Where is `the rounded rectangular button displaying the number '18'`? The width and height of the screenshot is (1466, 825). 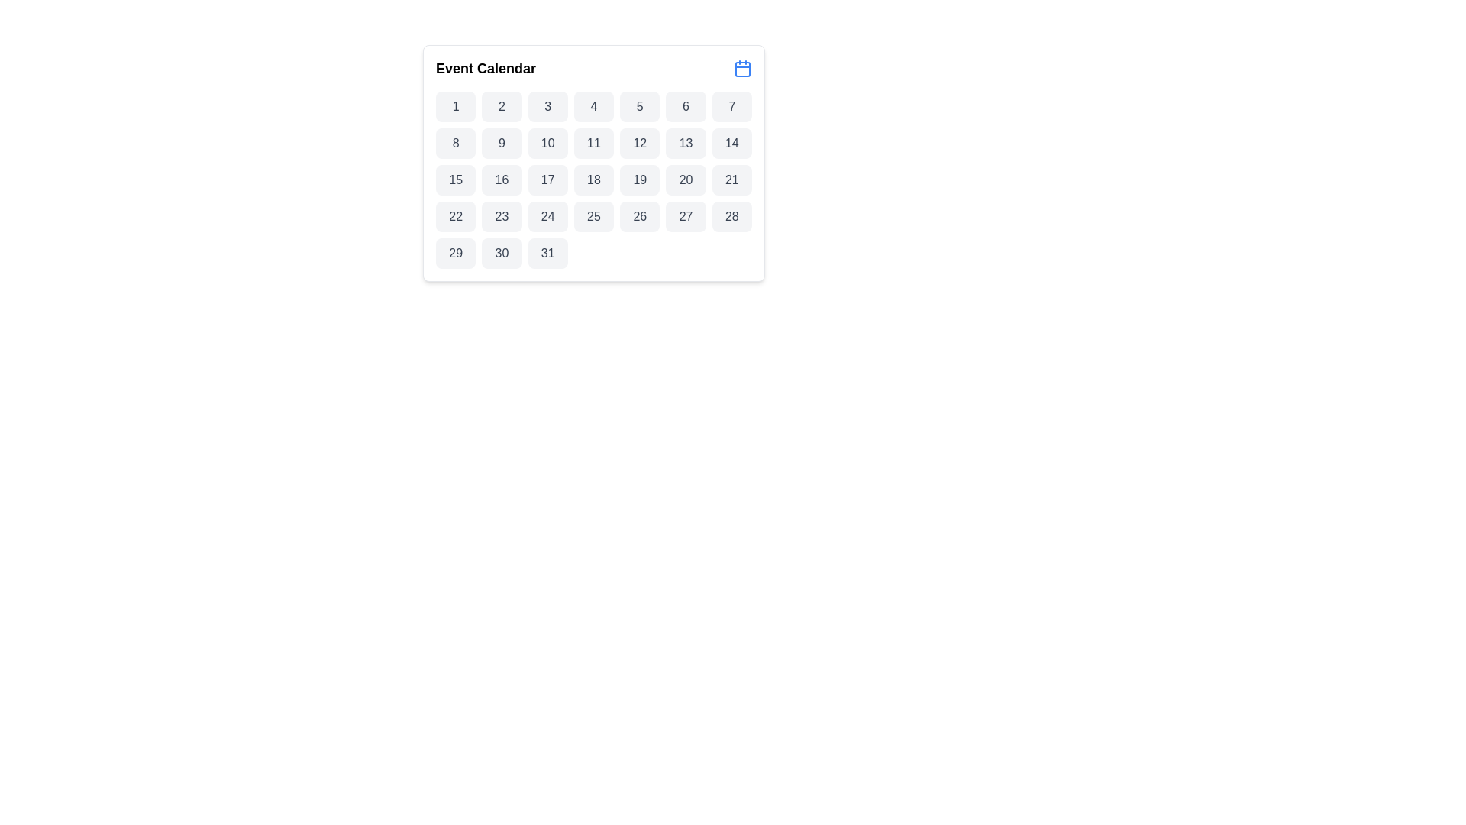 the rounded rectangular button displaying the number '18' is located at coordinates (593, 179).